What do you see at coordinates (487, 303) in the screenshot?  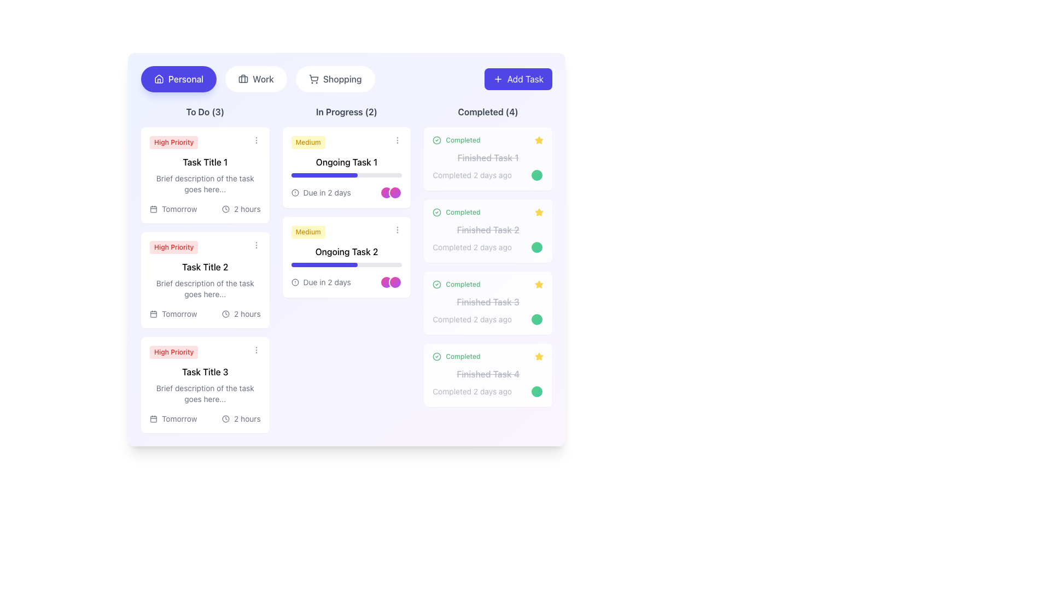 I see `the third completed task card located in the 'Completed' section of the dashboard interface, positioned between 'Finished Task 2' and 'Finished Task 4'` at bounding box center [487, 303].